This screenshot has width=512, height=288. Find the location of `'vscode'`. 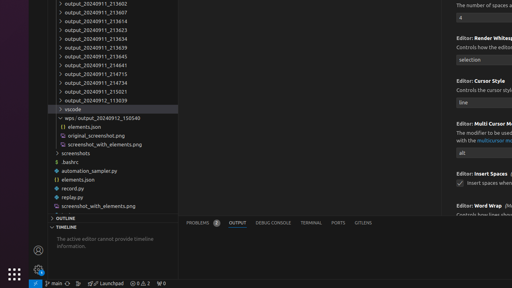

'vscode' is located at coordinates (112, 109).